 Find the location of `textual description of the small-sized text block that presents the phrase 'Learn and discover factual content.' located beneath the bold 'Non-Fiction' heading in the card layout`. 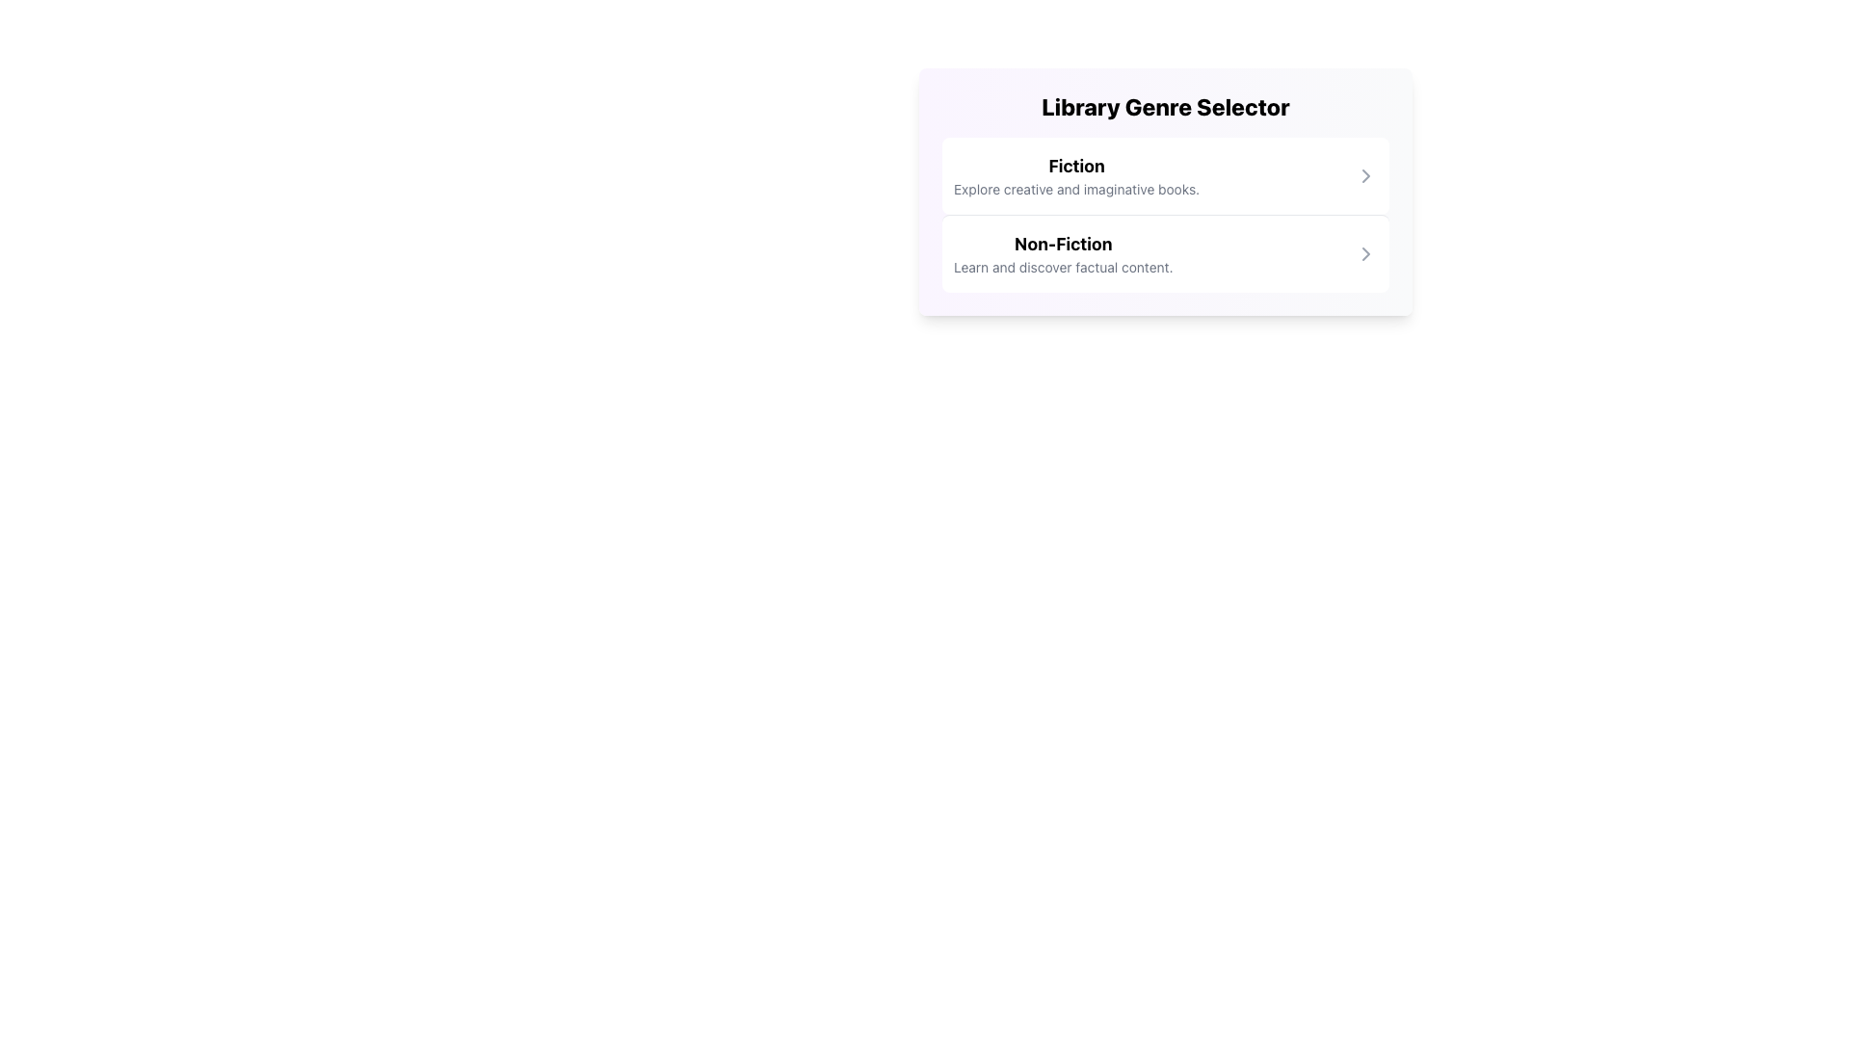

textual description of the small-sized text block that presents the phrase 'Learn and discover factual content.' located beneath the bold 'Non-Fiction' heading in the card layout is located at coordinates (1062, 267).